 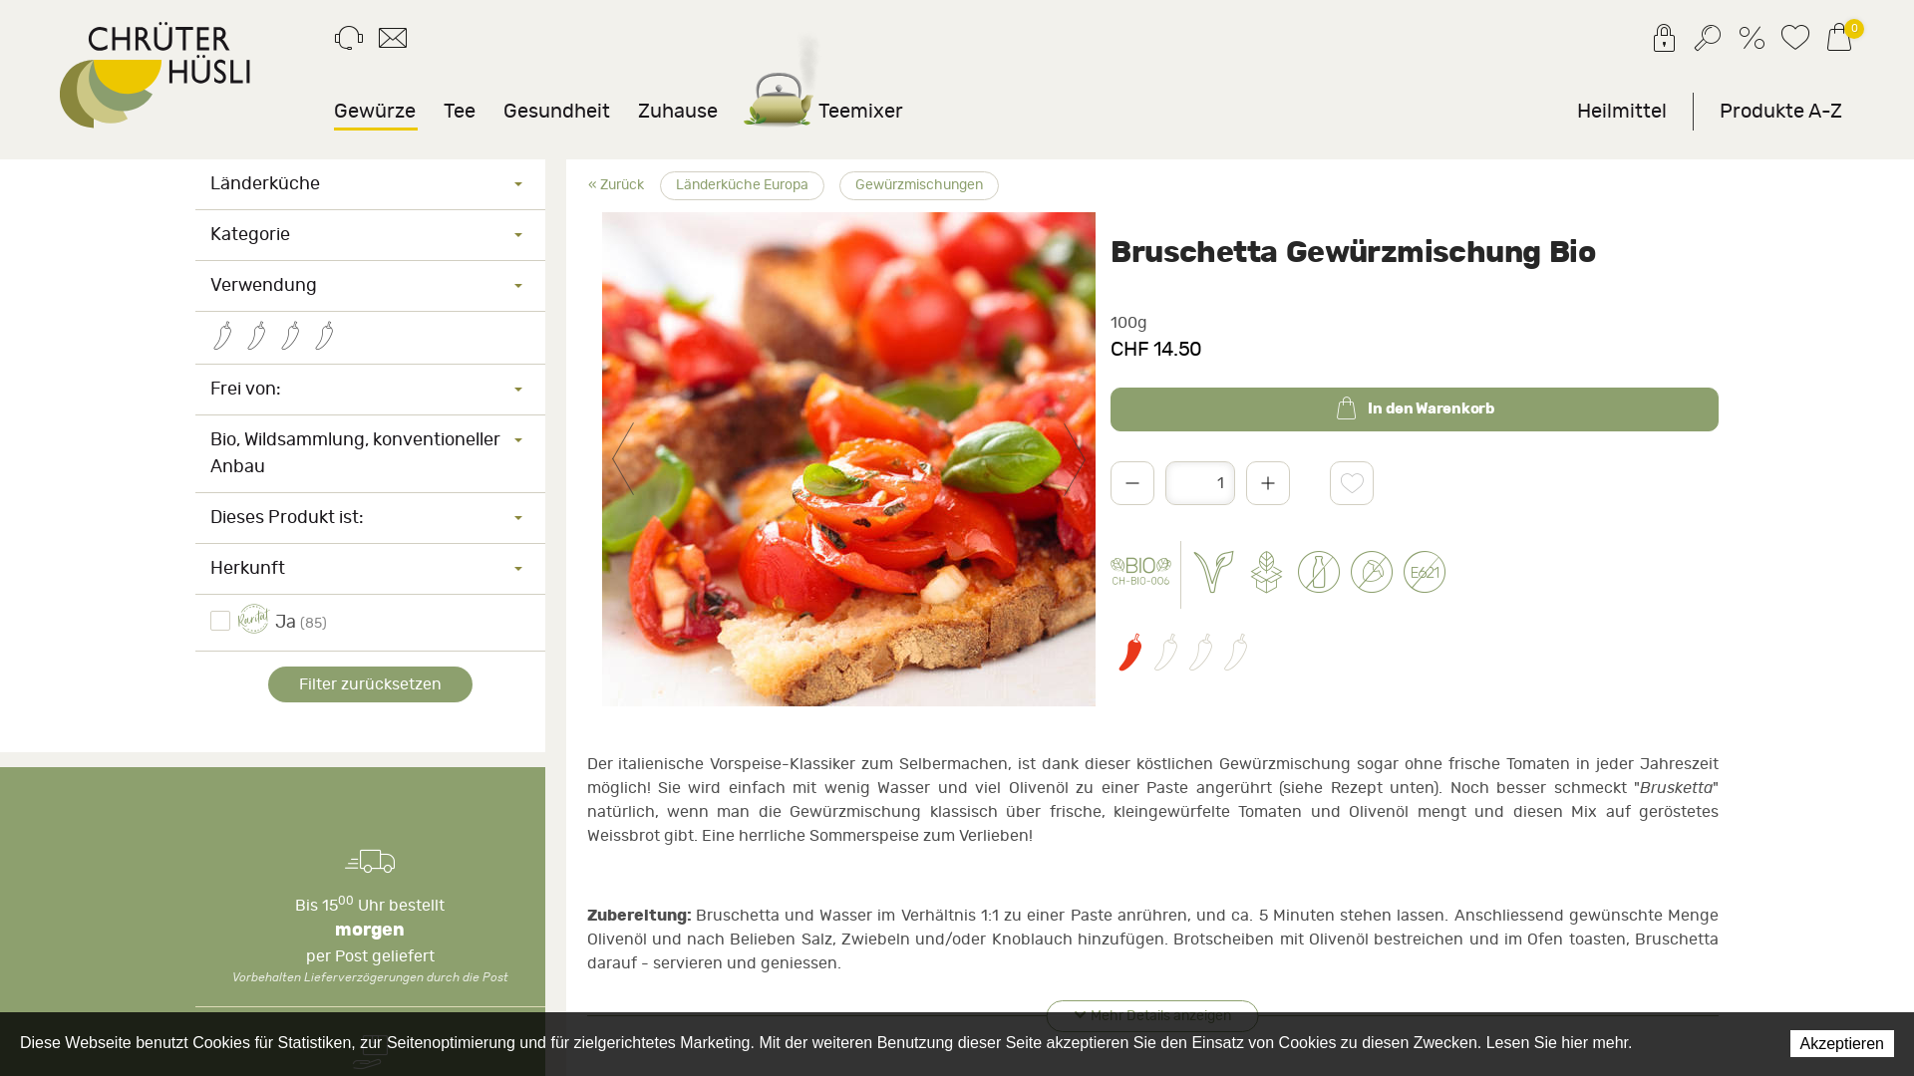 I want to click on '-', so click(x=1132, y=483).